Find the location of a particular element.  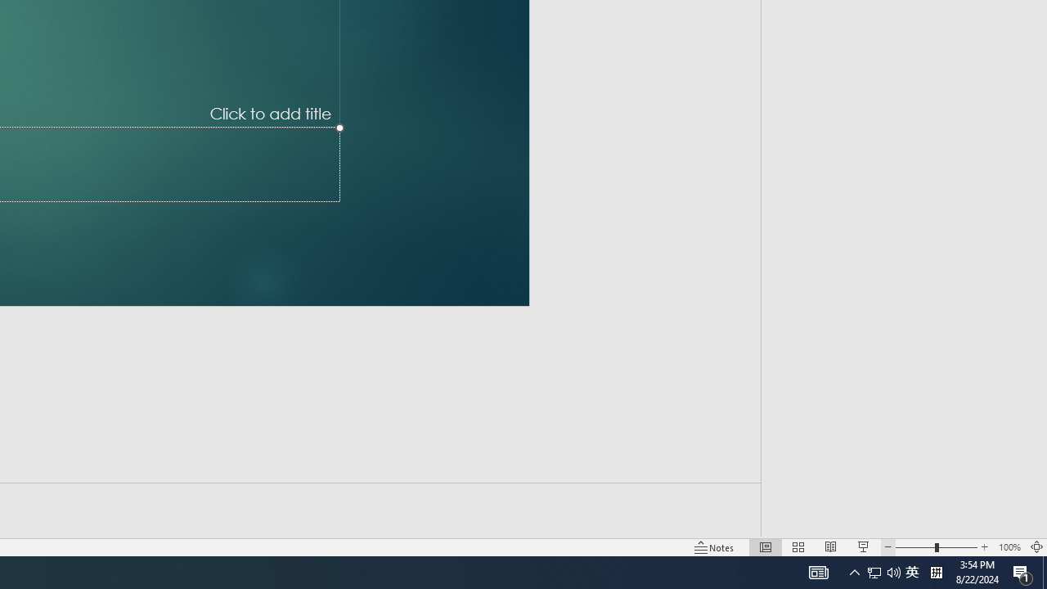

'Zoom Out' is located at coordinates (914, 547).